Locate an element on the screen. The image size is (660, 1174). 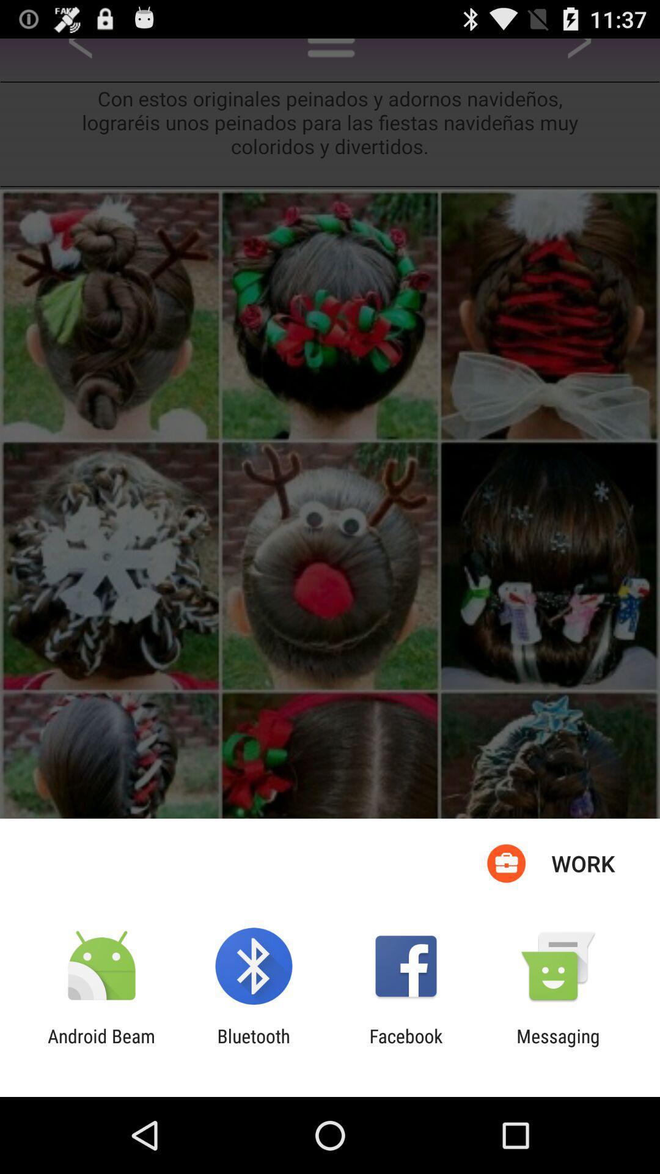
the app next to the bluetooth icon is located at coordinates (101, 1046).